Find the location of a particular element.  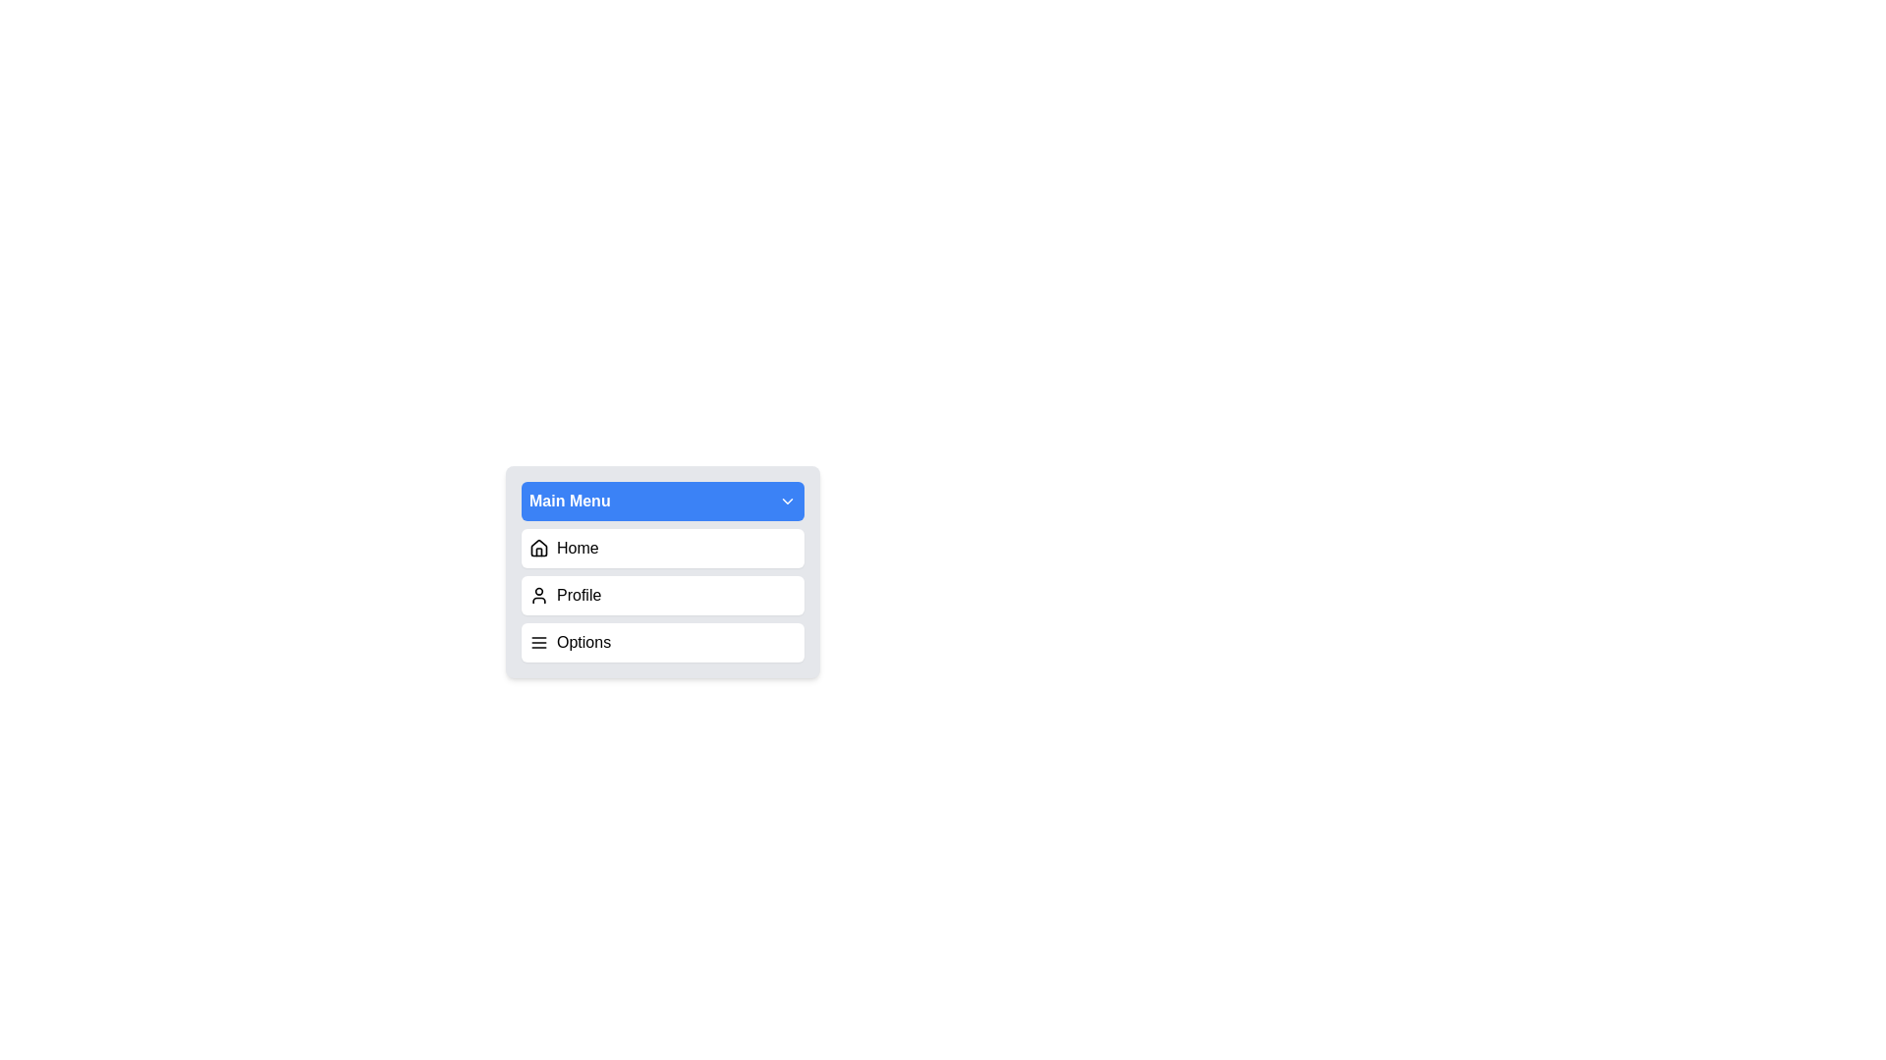

the house-shaped icon located to the left of the 'Home' text in the navigation menu is located at coordinates (538, 549).